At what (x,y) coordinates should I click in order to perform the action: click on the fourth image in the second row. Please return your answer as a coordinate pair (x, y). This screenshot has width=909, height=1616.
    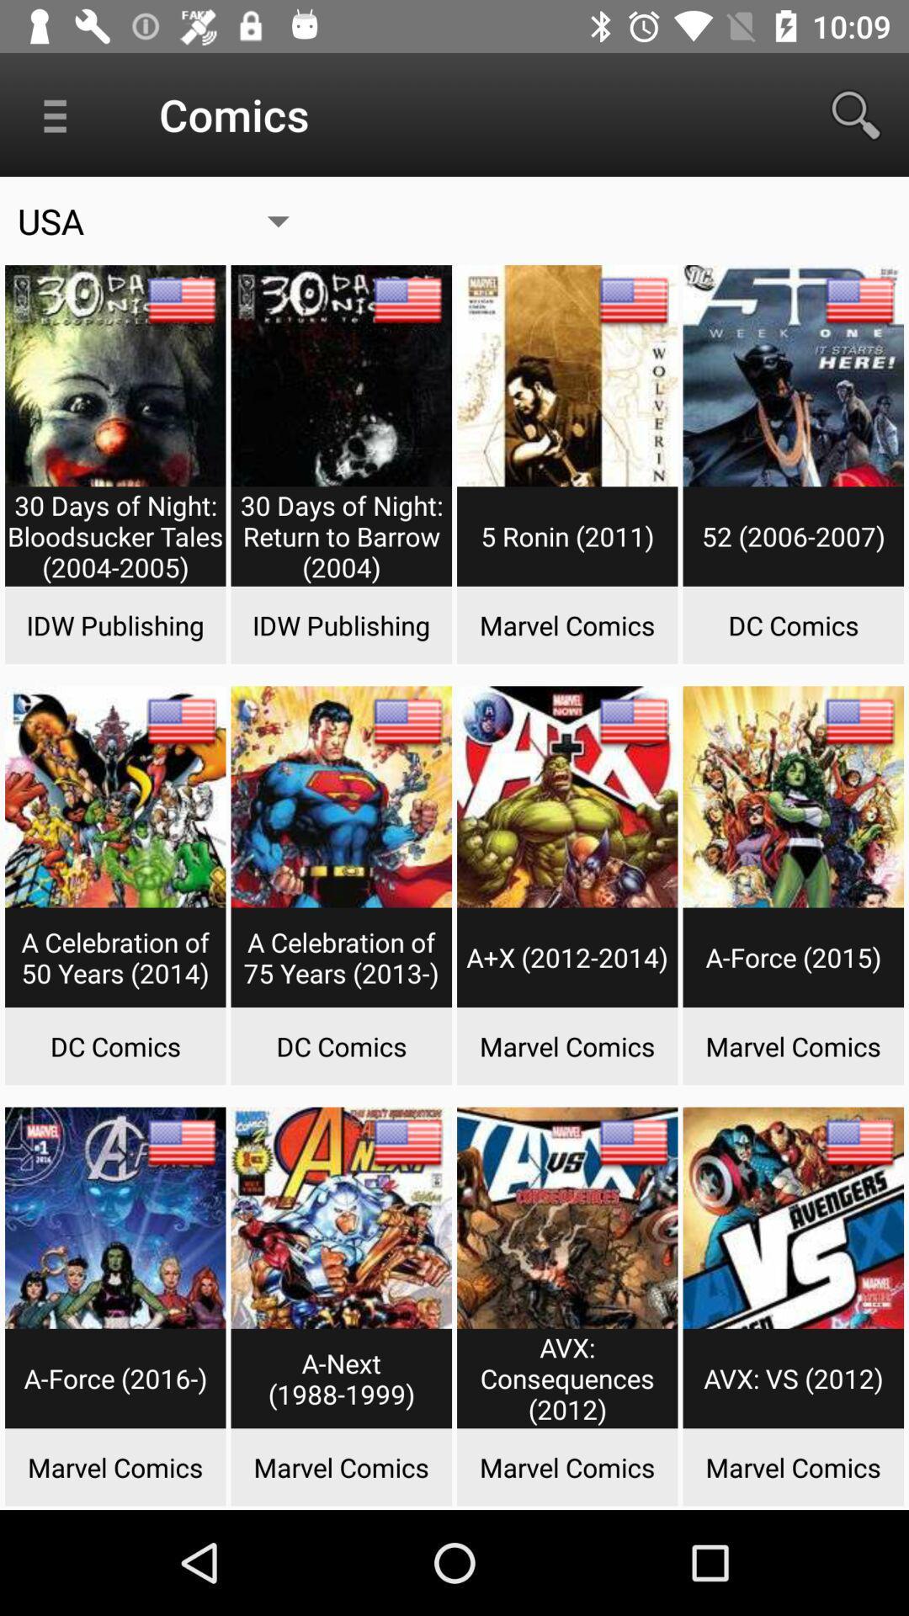
    Looking at the image, I should click on (793, 853).